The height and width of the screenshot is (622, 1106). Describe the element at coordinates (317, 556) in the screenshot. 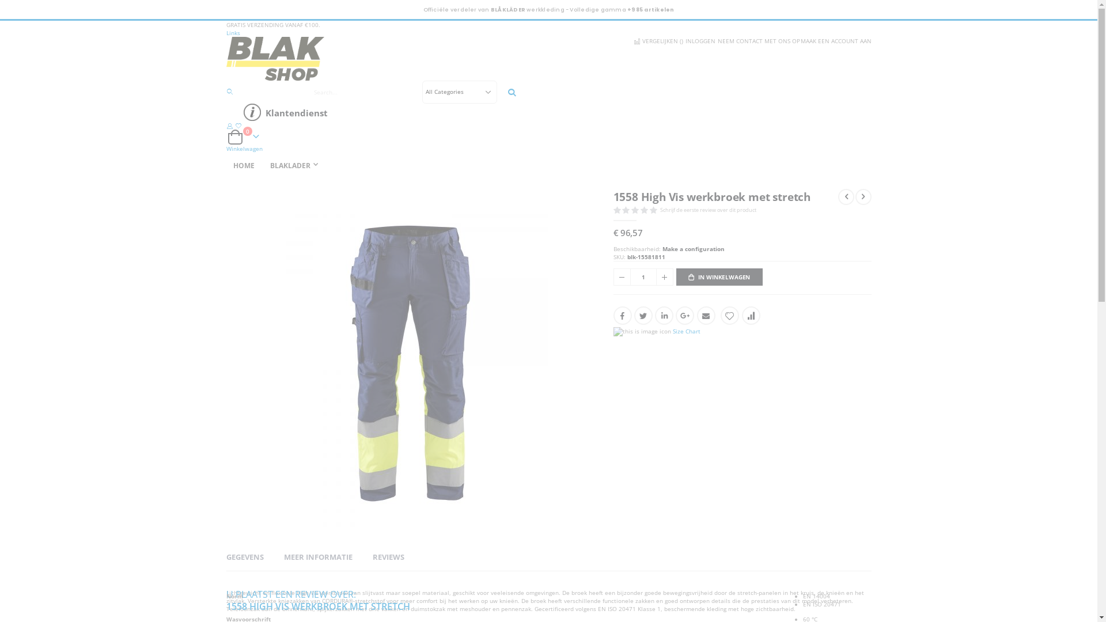

I see `'MEER INFORMATIE'` at that location.